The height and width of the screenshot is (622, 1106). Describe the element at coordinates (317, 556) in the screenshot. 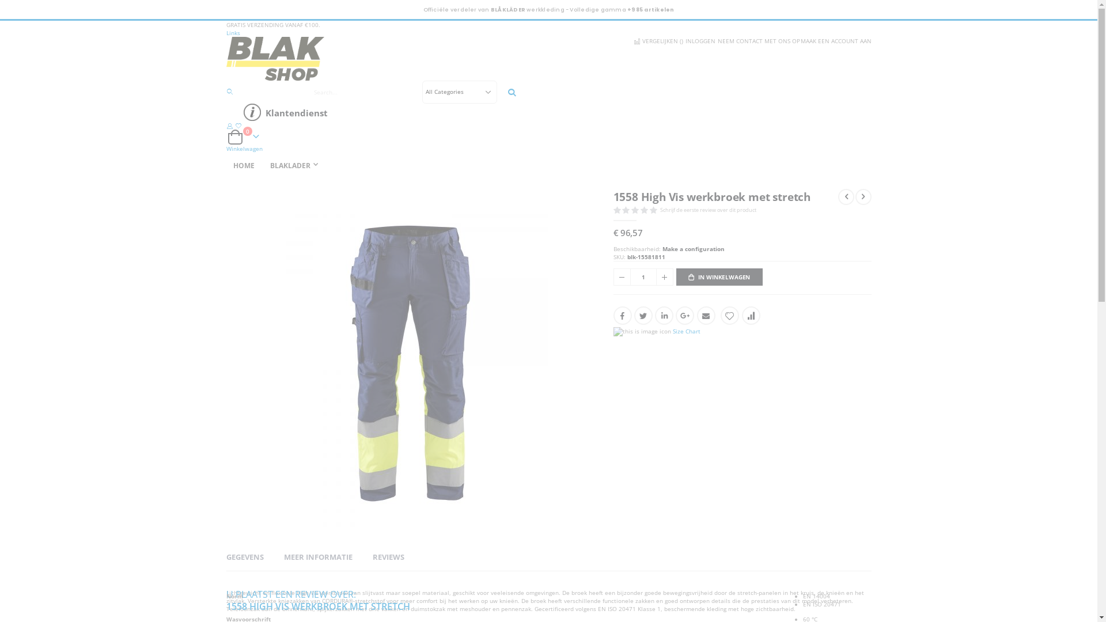

I see `'MEER INFORMATIE'` at that location.